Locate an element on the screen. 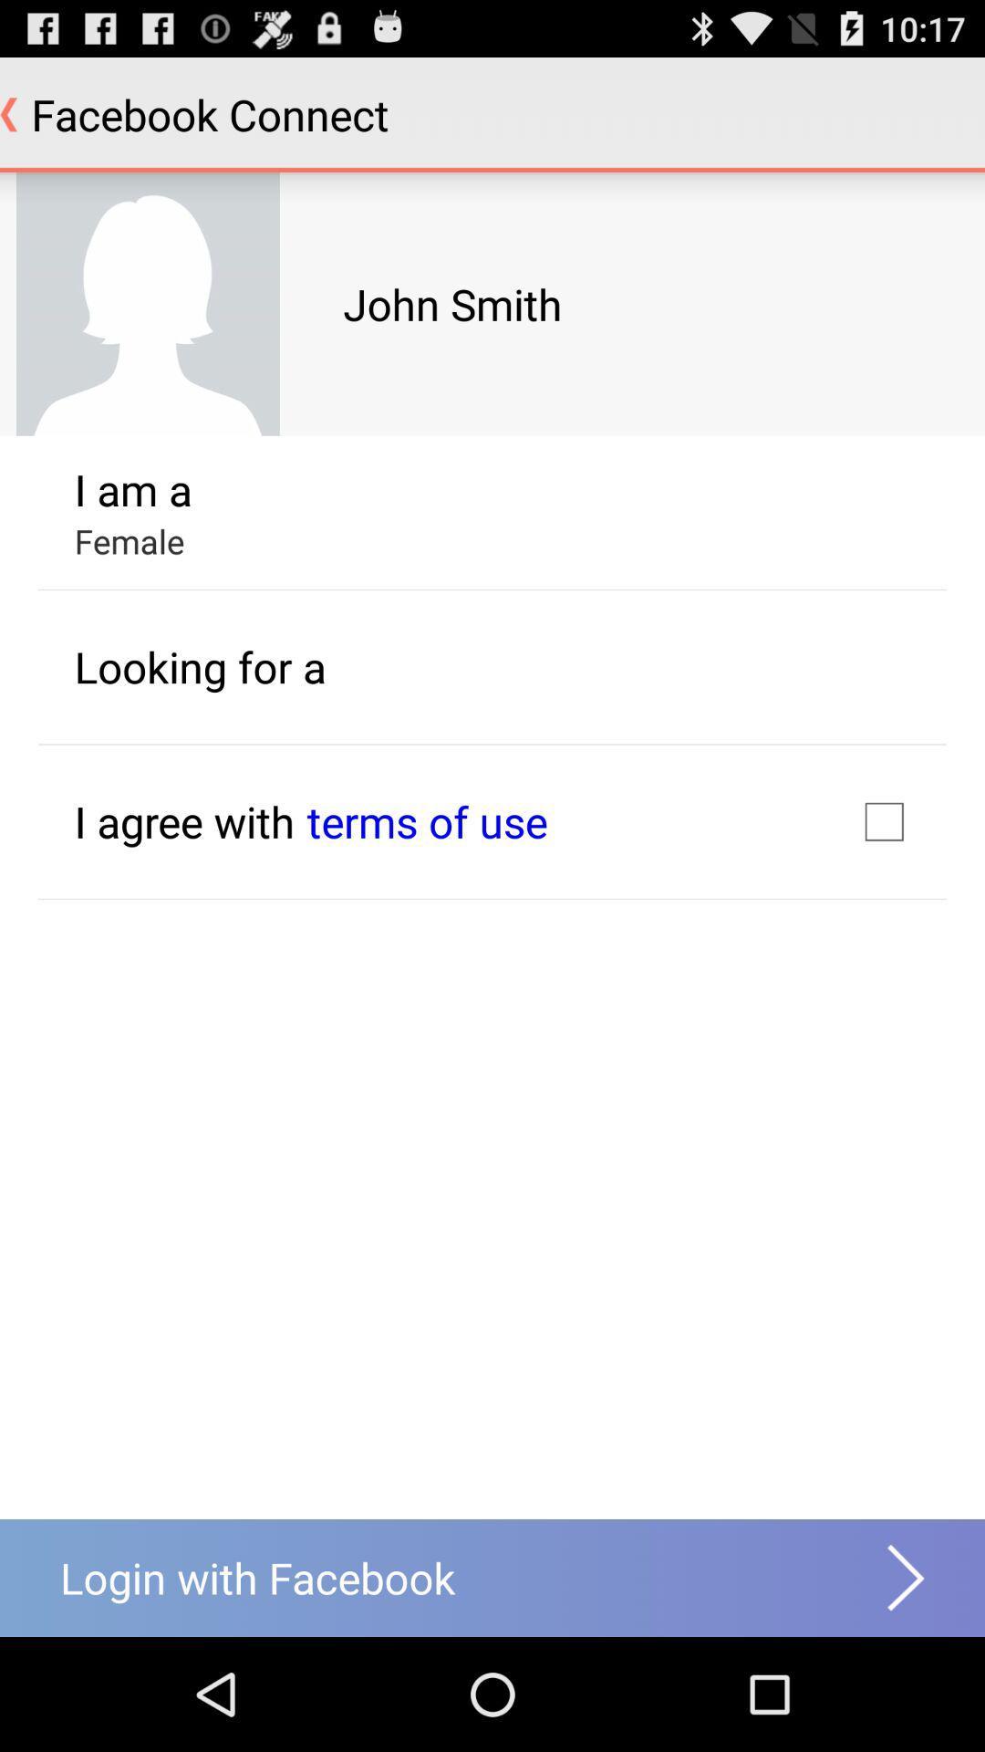 The height and width of the screenshot is (1752, 985). the item to the left of terms of use icon is located at coordinates (184, 820).